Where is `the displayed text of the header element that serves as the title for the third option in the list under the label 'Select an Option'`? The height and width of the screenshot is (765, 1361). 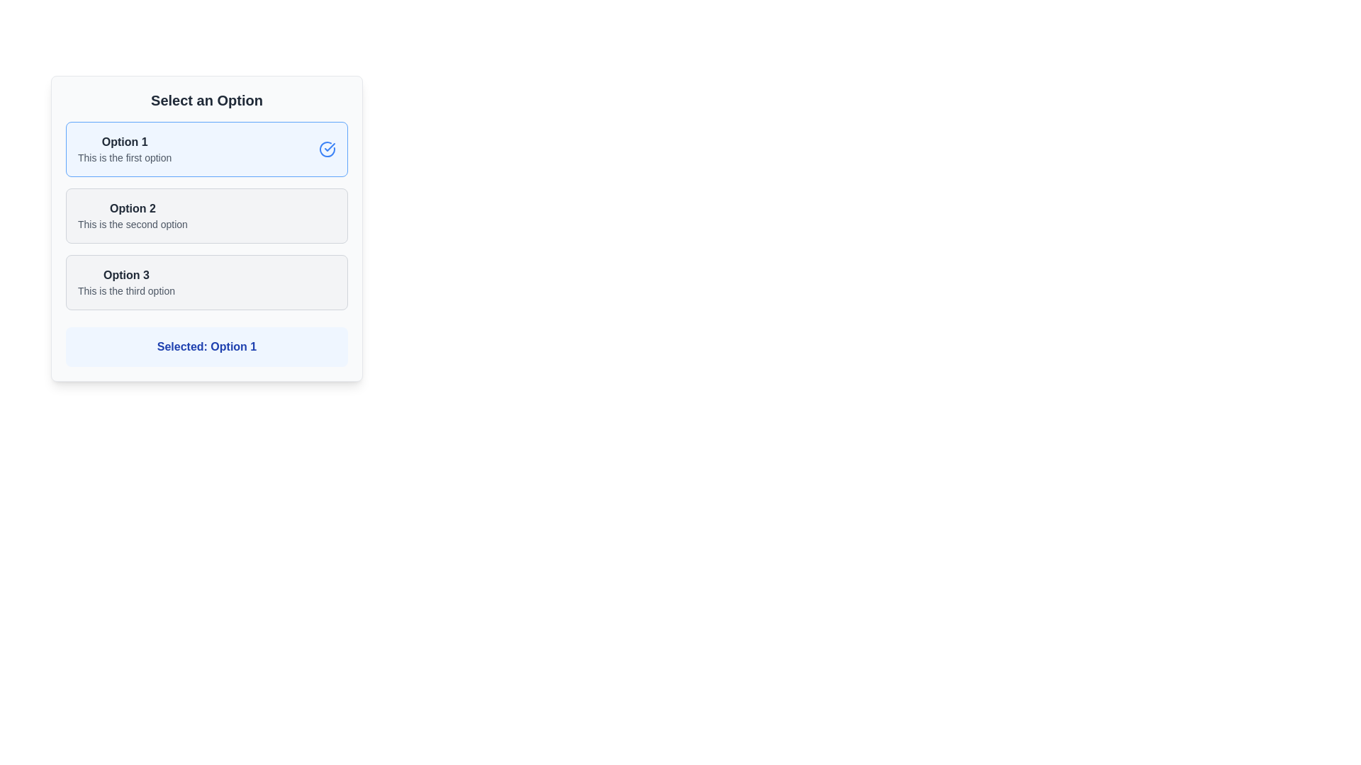 the displayed text of the header element that serves as the title for the third option in the list under the label 'Select an Option' is located at coordinates (126, 276).